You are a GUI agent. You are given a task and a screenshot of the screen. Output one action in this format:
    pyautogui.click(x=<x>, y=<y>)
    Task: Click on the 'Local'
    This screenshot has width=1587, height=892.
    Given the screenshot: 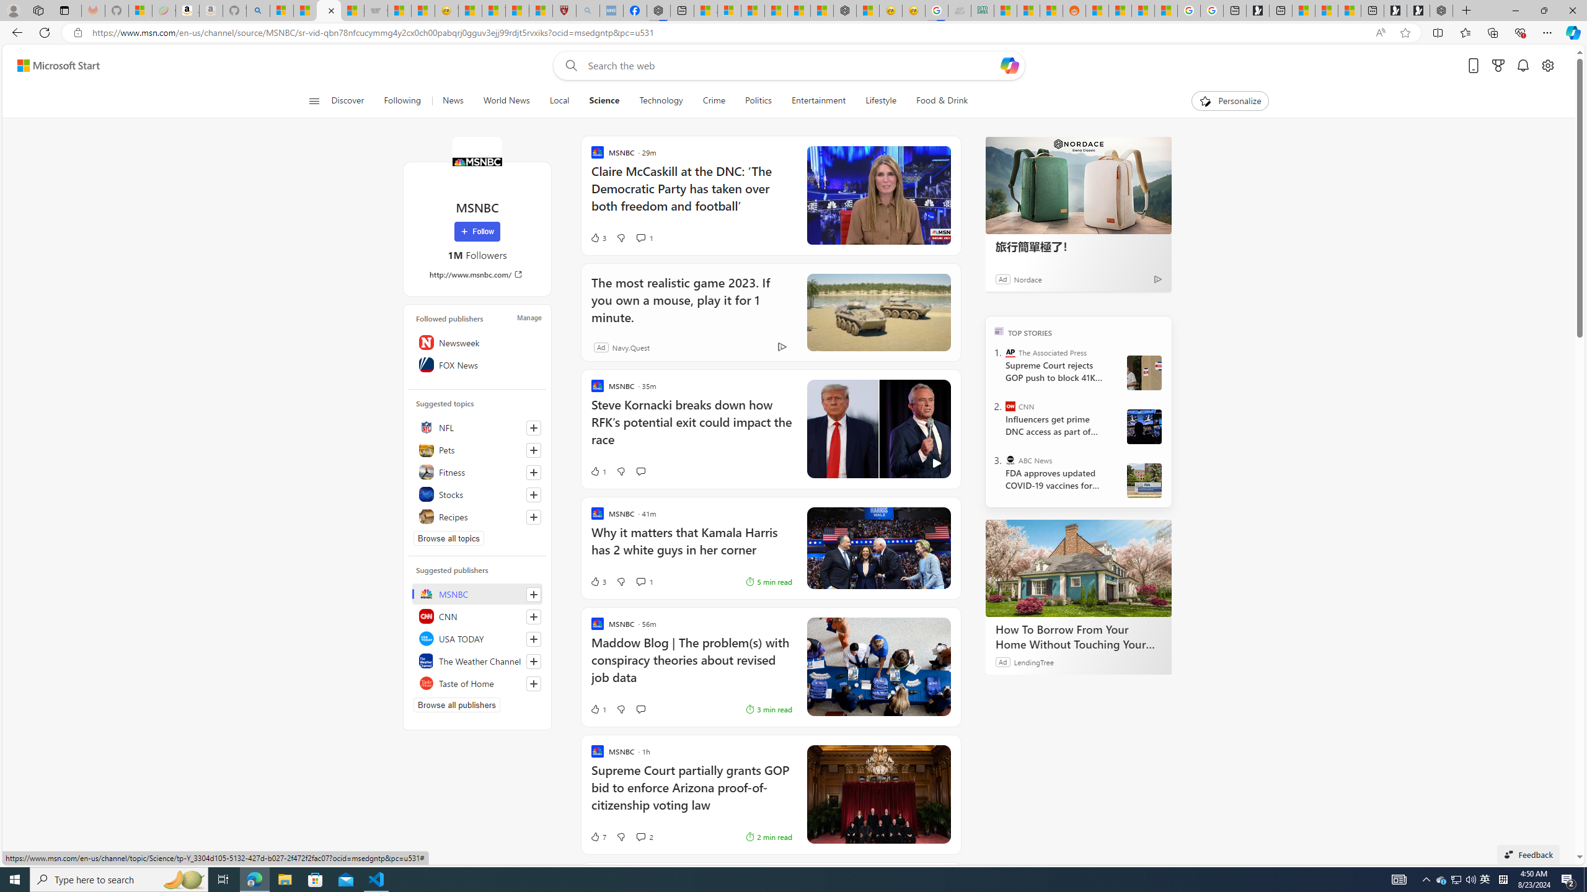 What is the action you would take?
    pyautogui.click(x=559, y=100)
    